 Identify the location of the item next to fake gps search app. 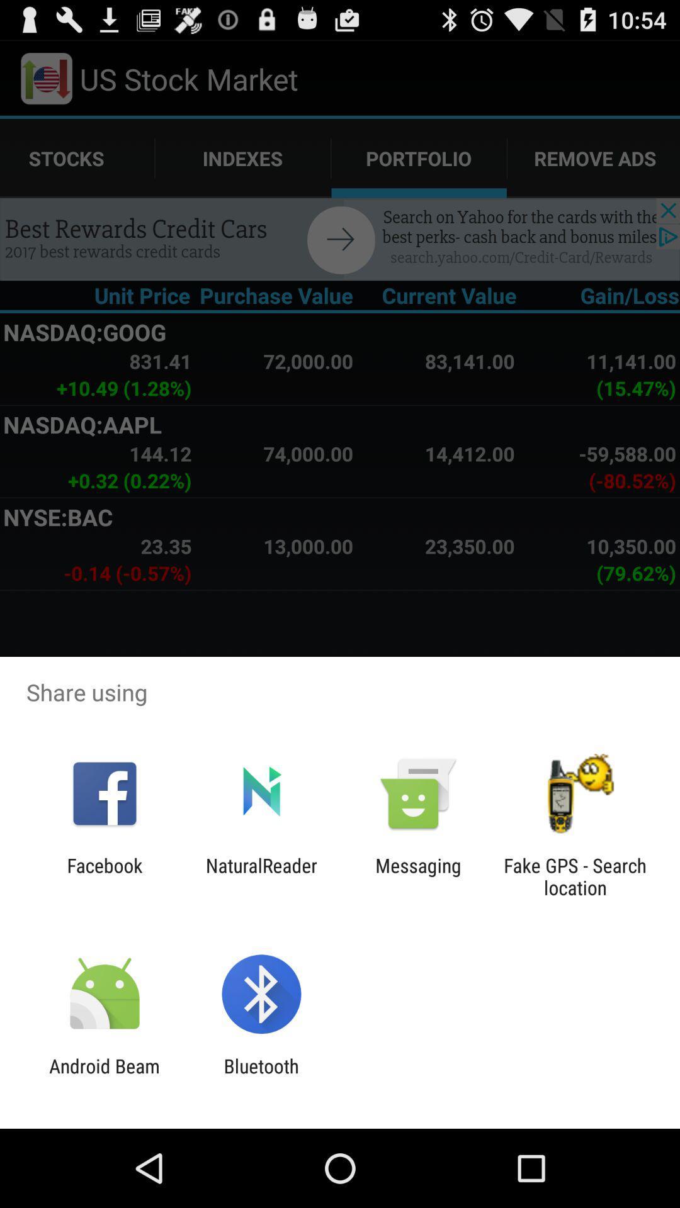
(418, 876).